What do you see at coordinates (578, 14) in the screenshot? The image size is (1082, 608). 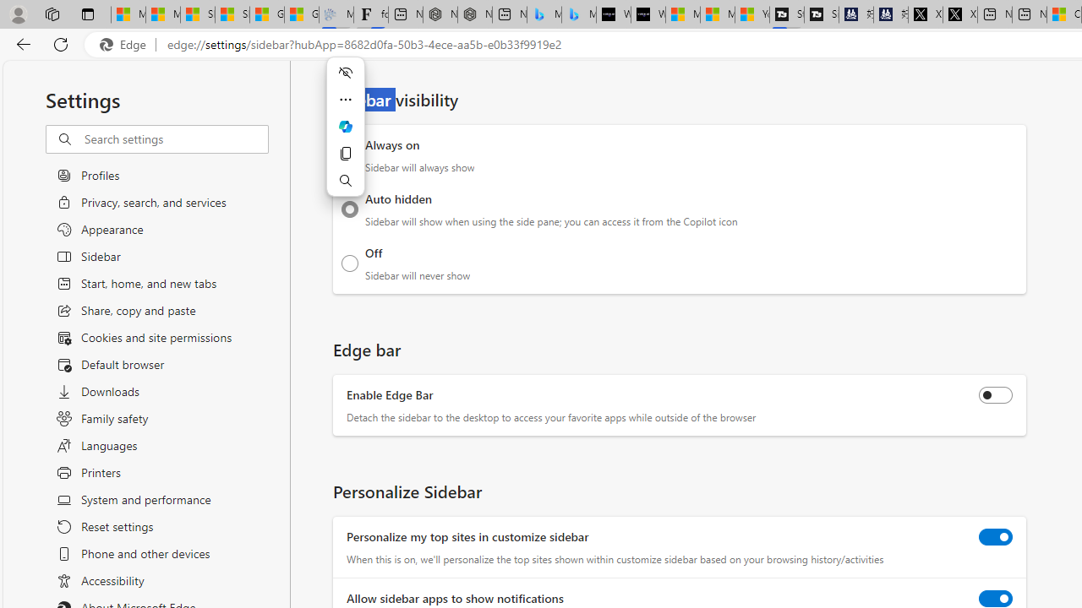 I see `'Microsoft Bing Travel - Shangri-La Hotel Bangkok'` at bounding box center [578, 14].